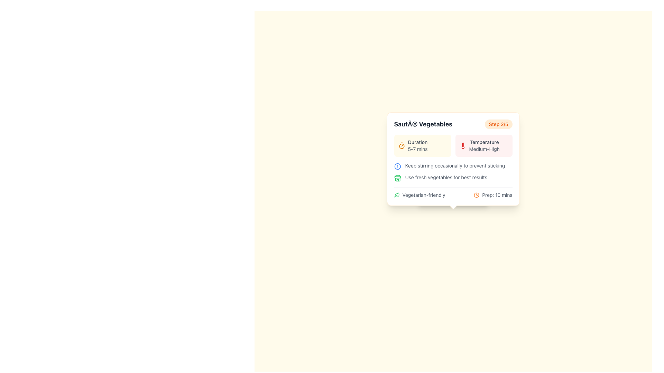 The height and width of the screenshot is (373, 664). I want to click on the text label reading 'Use fresh vegetables for best results' located in the lower mid-section of the card interface, so click(446, 177).